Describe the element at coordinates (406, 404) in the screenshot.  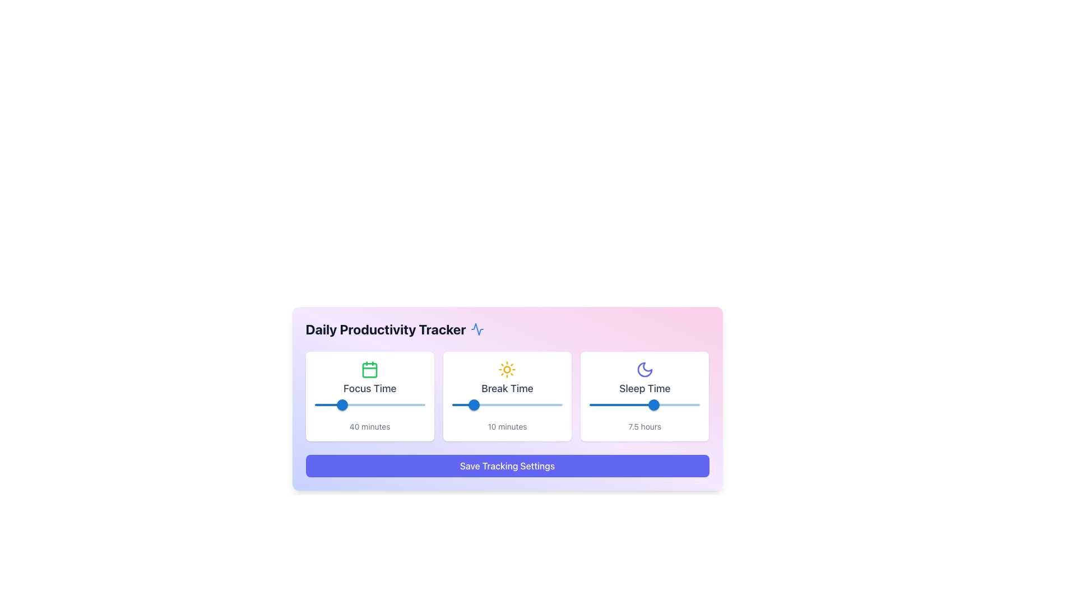
I see `the focus time` at that location.